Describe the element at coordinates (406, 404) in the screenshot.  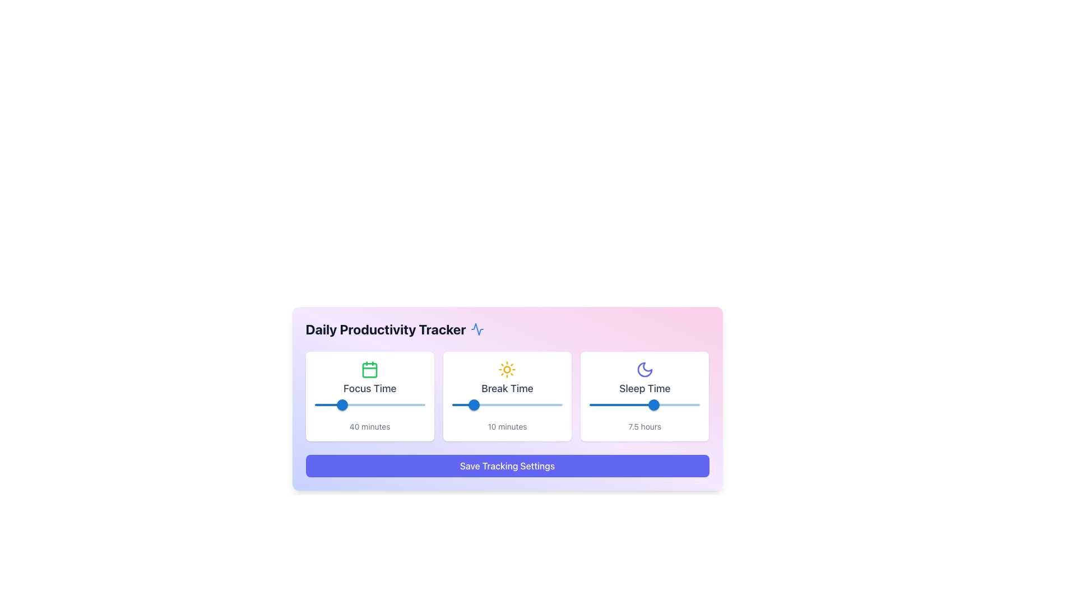
I see `the focus time` at that location.